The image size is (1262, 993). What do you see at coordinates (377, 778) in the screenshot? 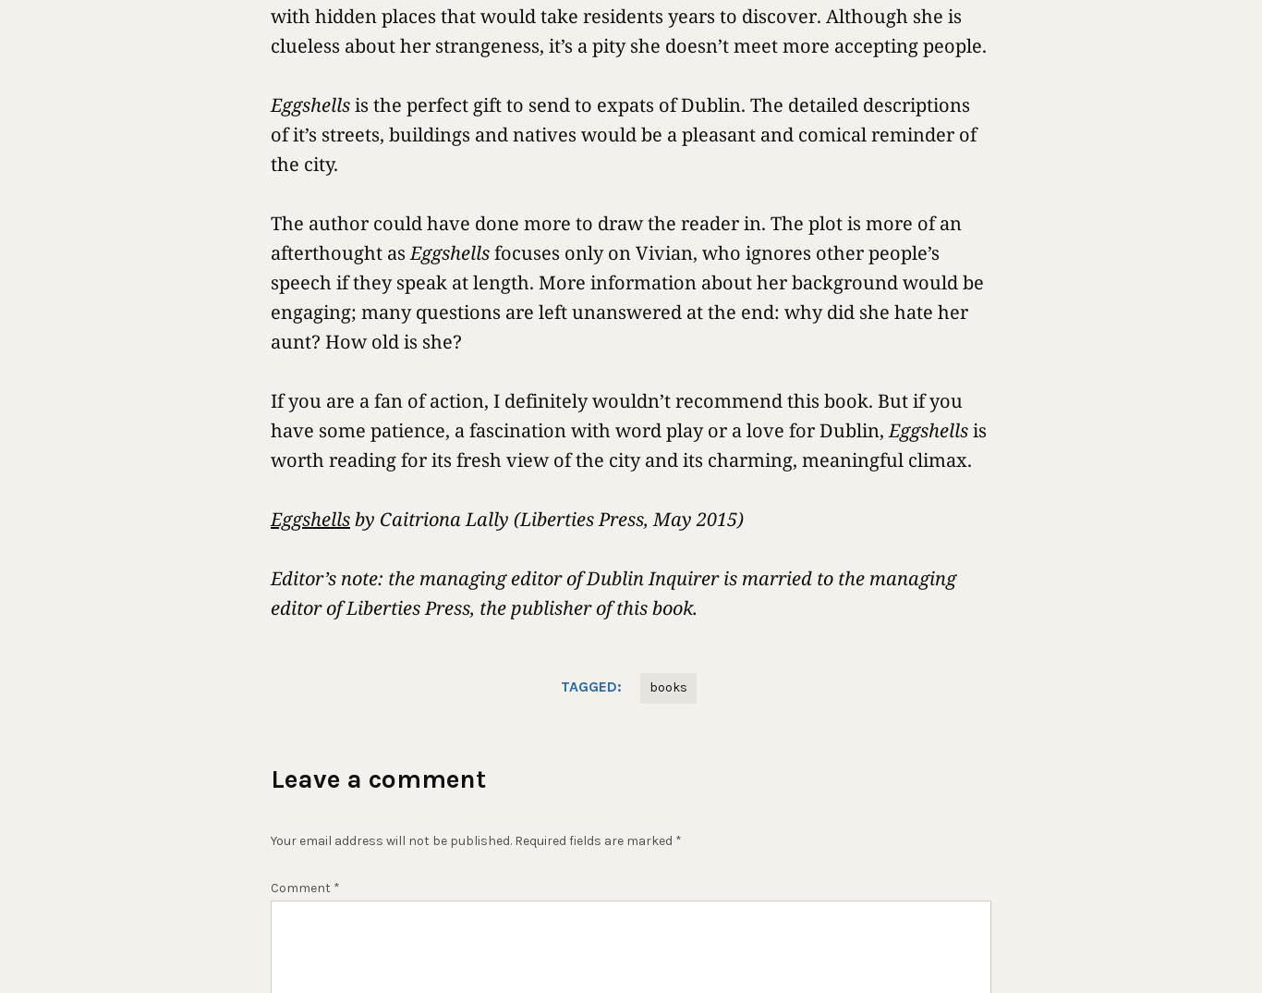
I see `'Leave a comment'` at bounding box center [377, 778].